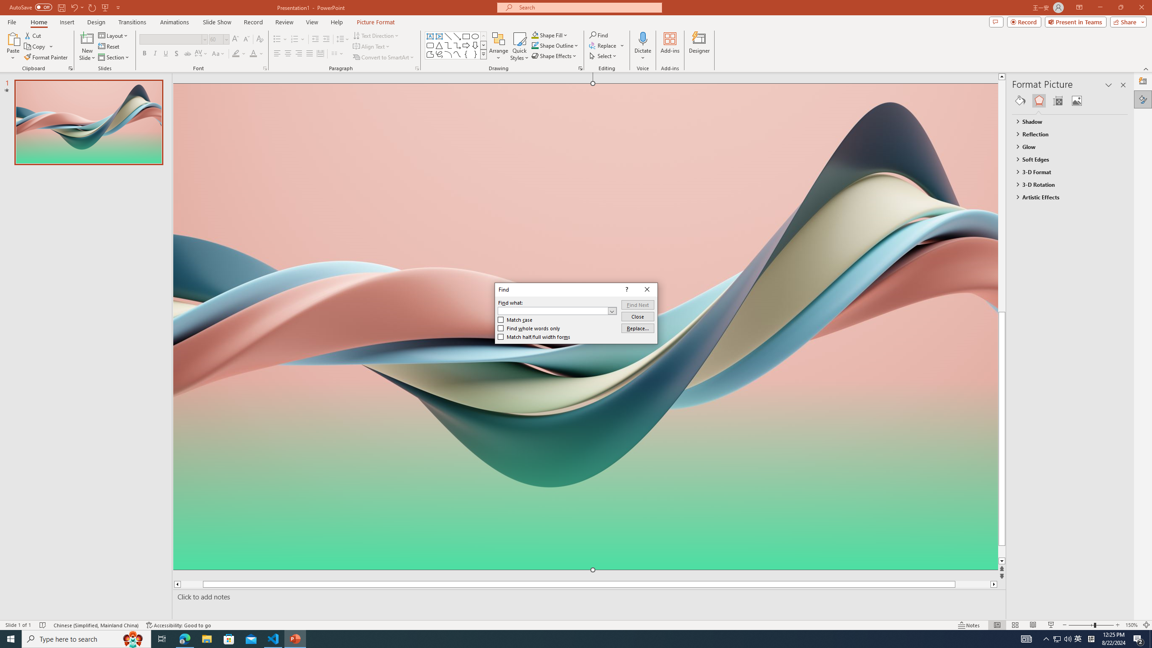 The height and width of the screenshot is (648, 1152). Describe the element at coordinates (288, 53) in the screenshot. I see `'Center'` at that location.